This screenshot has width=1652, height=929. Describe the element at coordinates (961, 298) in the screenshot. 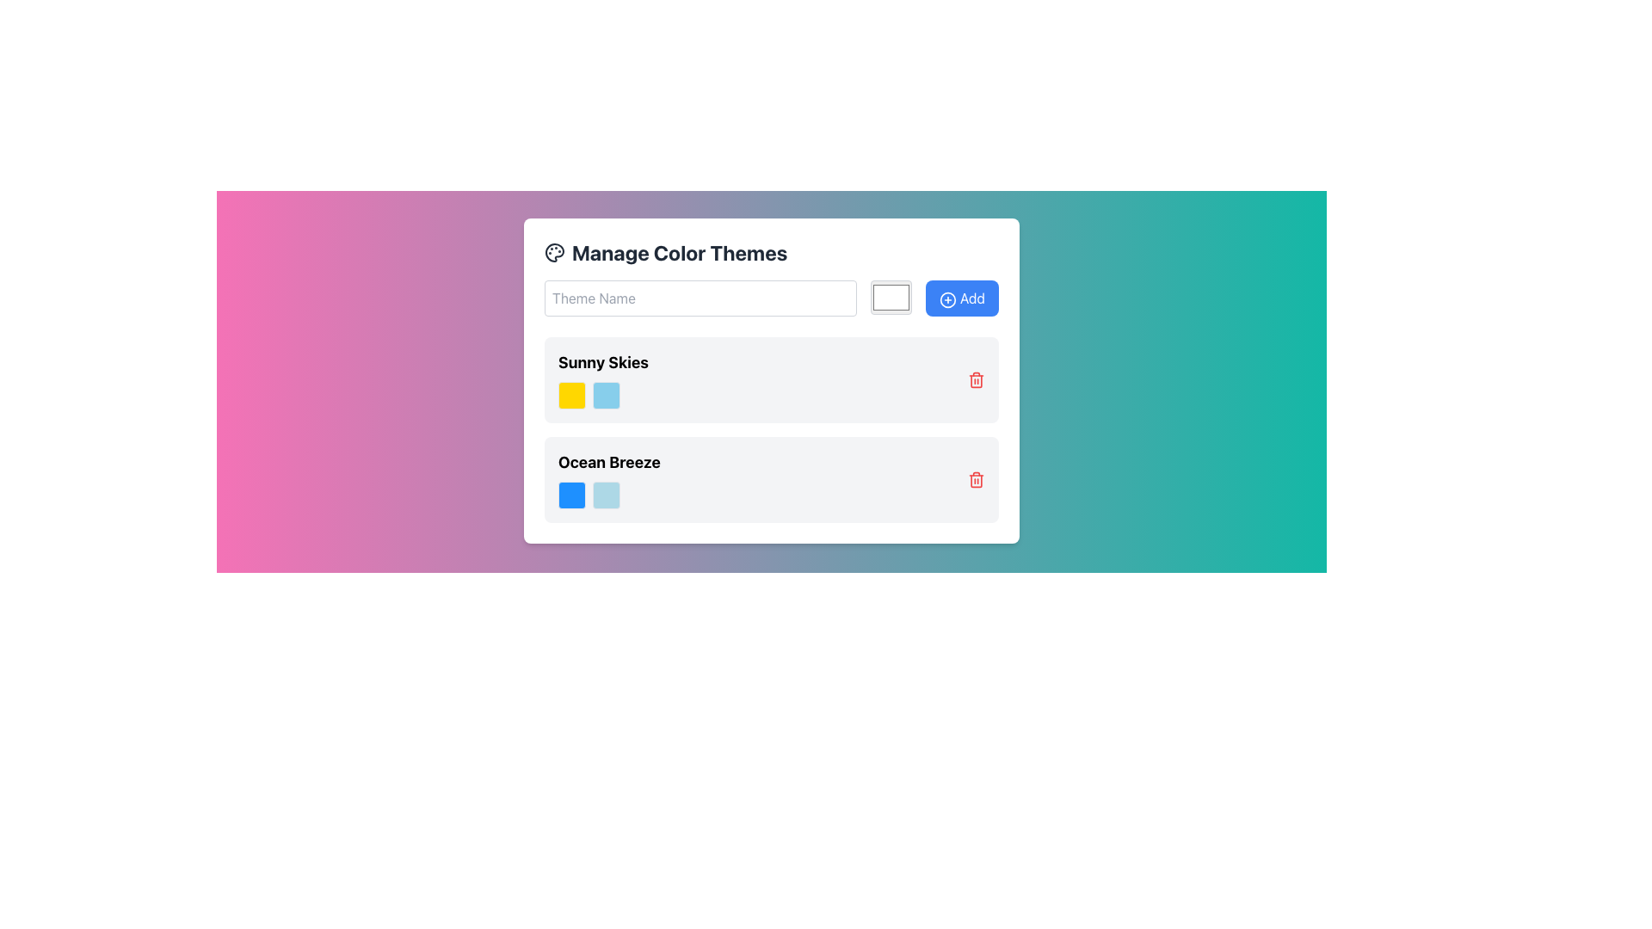

I see `the rightmost button used for adding a new color theme or item` at that location.